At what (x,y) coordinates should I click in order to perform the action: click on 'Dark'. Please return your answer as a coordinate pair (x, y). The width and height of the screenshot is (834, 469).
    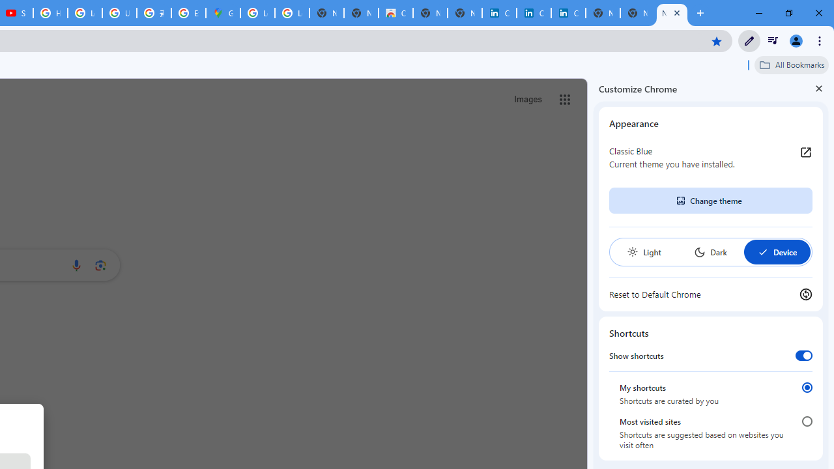
    Looking at the image, I should click on (710, 252).